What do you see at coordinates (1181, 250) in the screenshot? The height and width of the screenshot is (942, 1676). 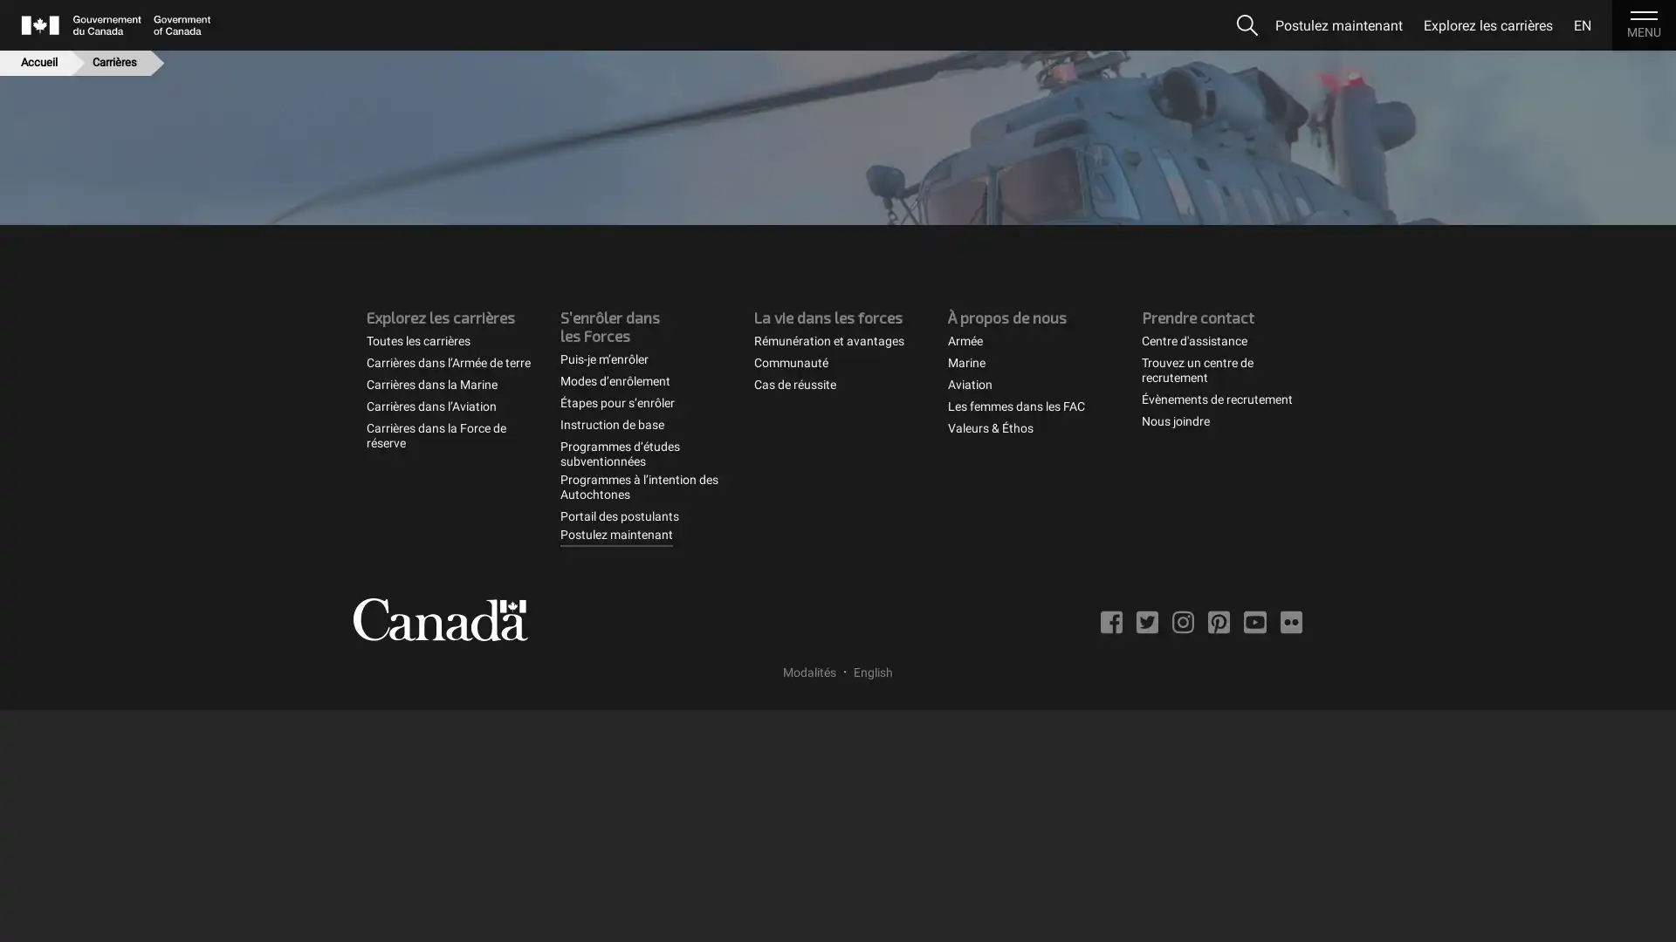 I see `FILTRE - CARRIERES` at bounding box center [1181, 250].